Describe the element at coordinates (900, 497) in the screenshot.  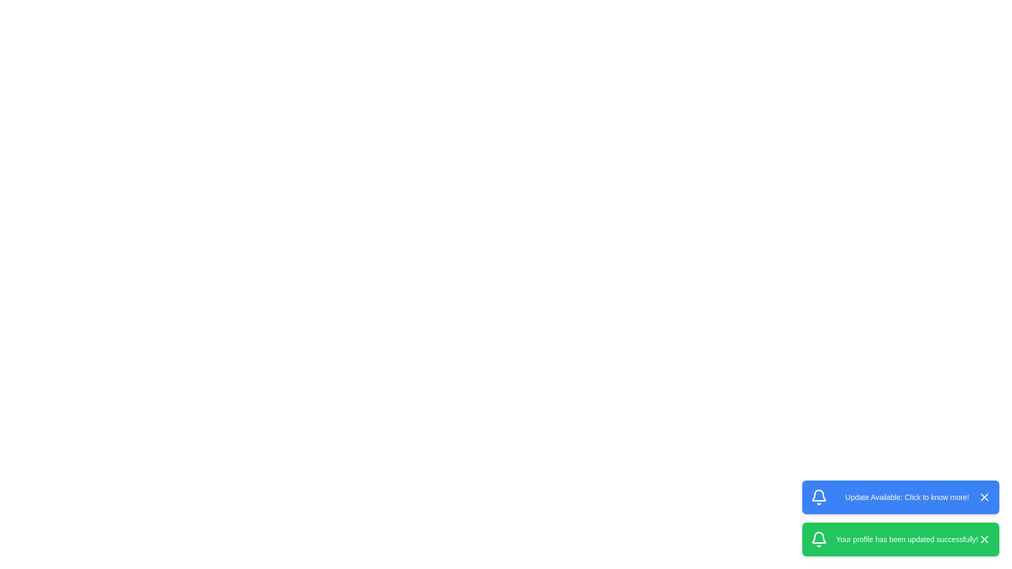
I see `the notification to read its content` at that location.